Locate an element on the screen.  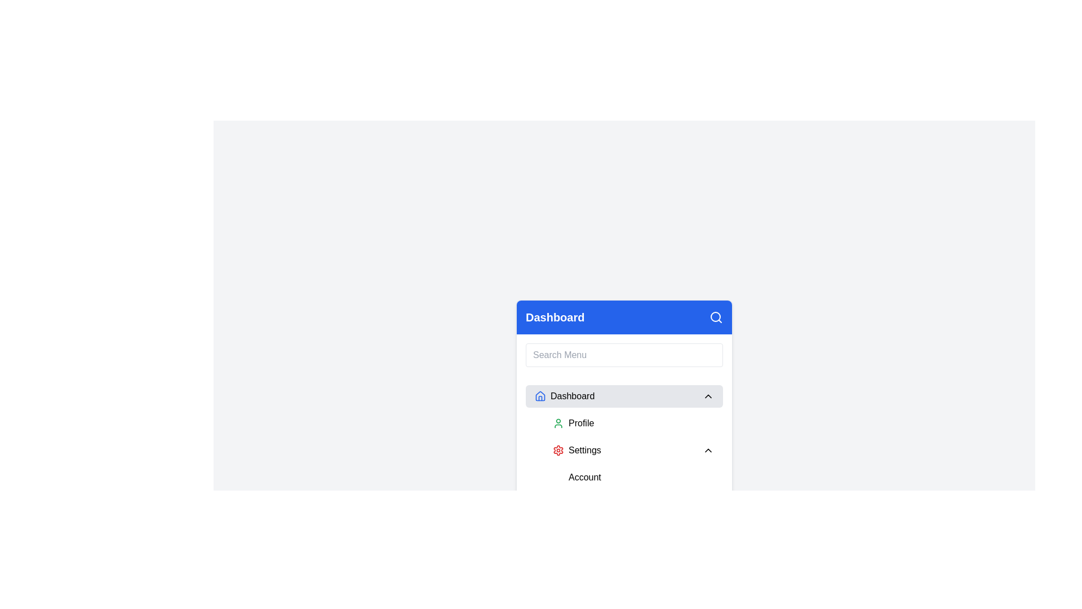
the red gear-like icon representing 'Settings', which is the second icon in the 'Dashboard' section of the dropdown menu is located at coordinates (558, 449).